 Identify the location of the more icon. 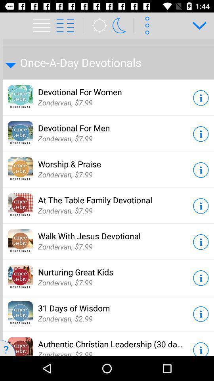
(145, 25).